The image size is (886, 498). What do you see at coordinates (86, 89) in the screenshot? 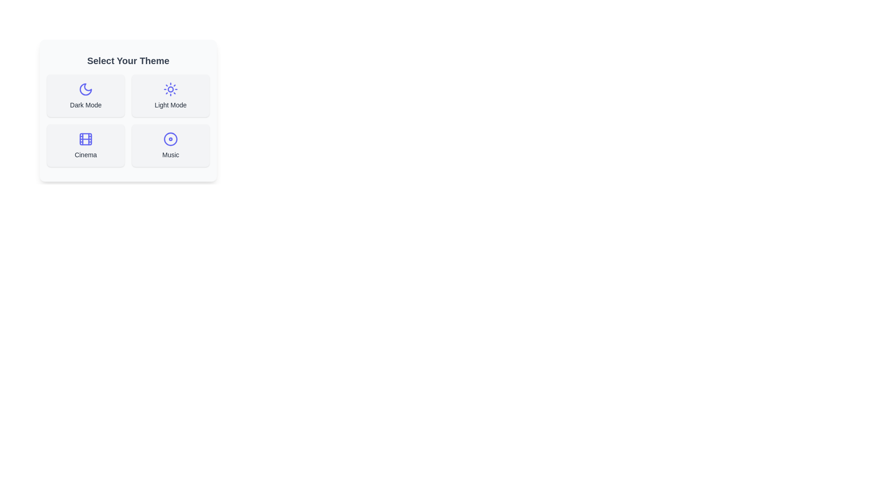
I see `the 'Dark Mode' icon located at the top left corner of the grid` at bounding box center [86, 89].